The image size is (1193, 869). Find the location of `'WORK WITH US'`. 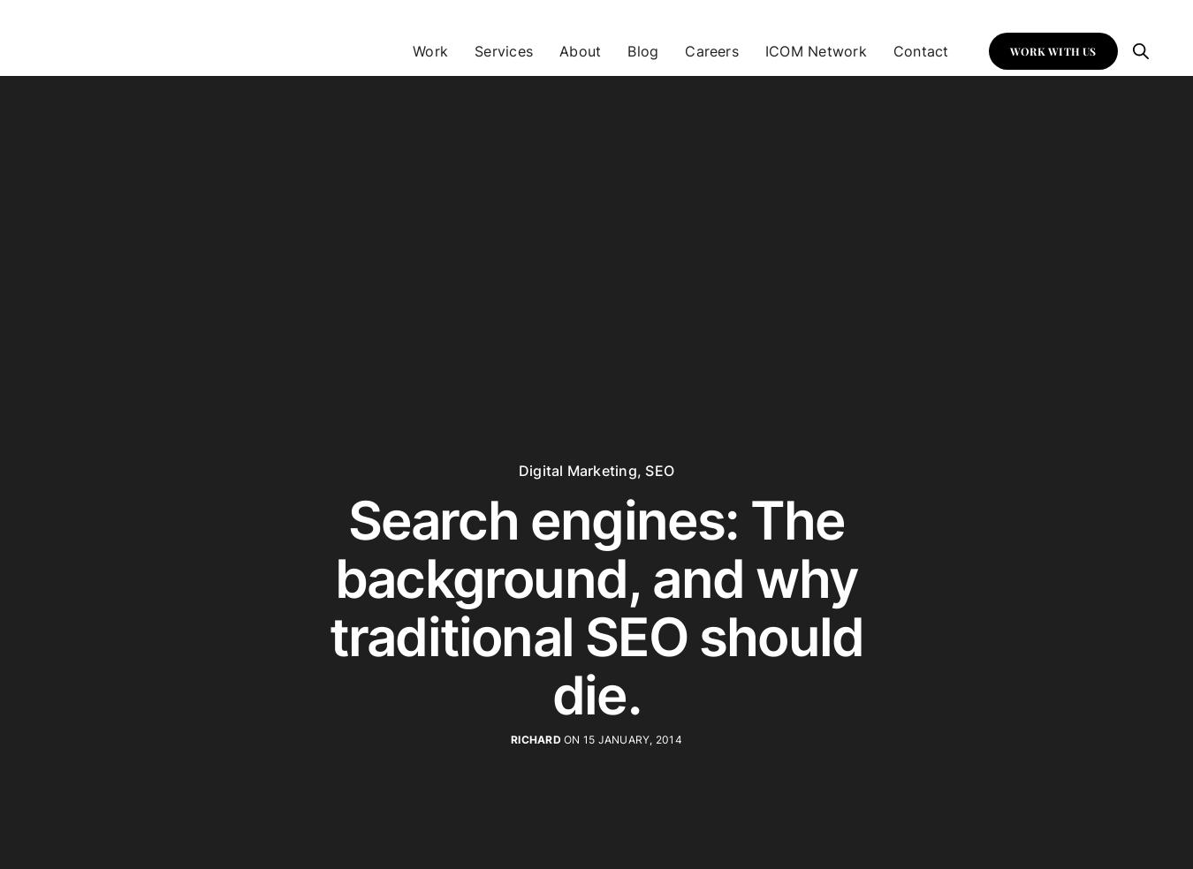

'WORK WITH US' is located at coordinates (1051, 49).